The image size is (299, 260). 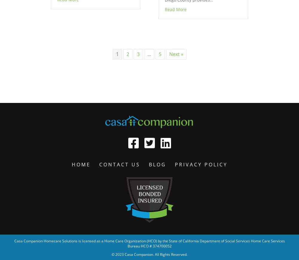 What do you see at coordinates (71, 164) in the screenshot?
I see `'Home'` at bounding box center [71, 164].